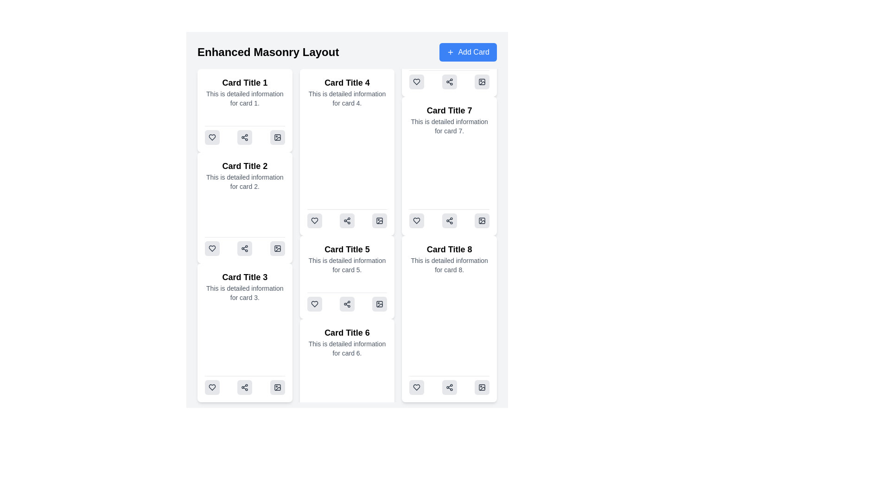  Describe the element at coordinates (245, 246) in the screenshot. I see `the icon depicting a connection or sharing activity, which is the second item among three action buttons at the bottom of 'Card Title 2'` at that location.